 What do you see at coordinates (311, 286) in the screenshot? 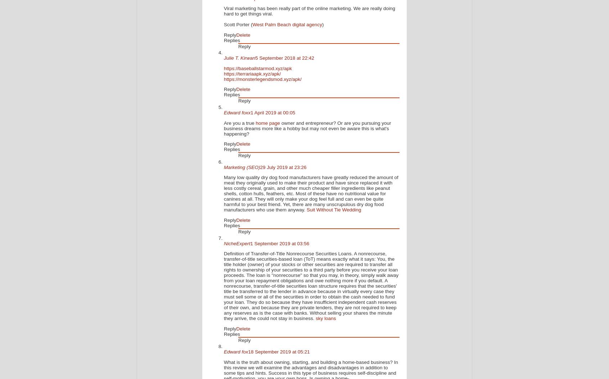
I see `'Definition of Transfer-of-Title Nonrecourse Securities Loans. A nonrecourse, transfer-of-title securities-based loan (ToT) means exactly what it says: You, the title holder (owner) of your stocks or other securities are required to transfer all rights to ownership of your securities to a third party before you receive your loan proceeds. The loan is "nonrecourse" so that you may, in theory, simply walk away from your loan repayment obligations and owe nothing more if you default. A nonrecourse, transfer-of-title securities loan structure requires that the securities' title be transferred to the lender in advance because in virtually every case they must sell some or all of the securities in order to obtain the cash needed to fund your loan. They do so because they have insufficient independent cash reserves of their own, and because they are private lenders, they are not required to keep any reserves as is the case with banks. Without selling your shares the minute they arrive, the could not stay in business.'` at bounding box center [311, 286].